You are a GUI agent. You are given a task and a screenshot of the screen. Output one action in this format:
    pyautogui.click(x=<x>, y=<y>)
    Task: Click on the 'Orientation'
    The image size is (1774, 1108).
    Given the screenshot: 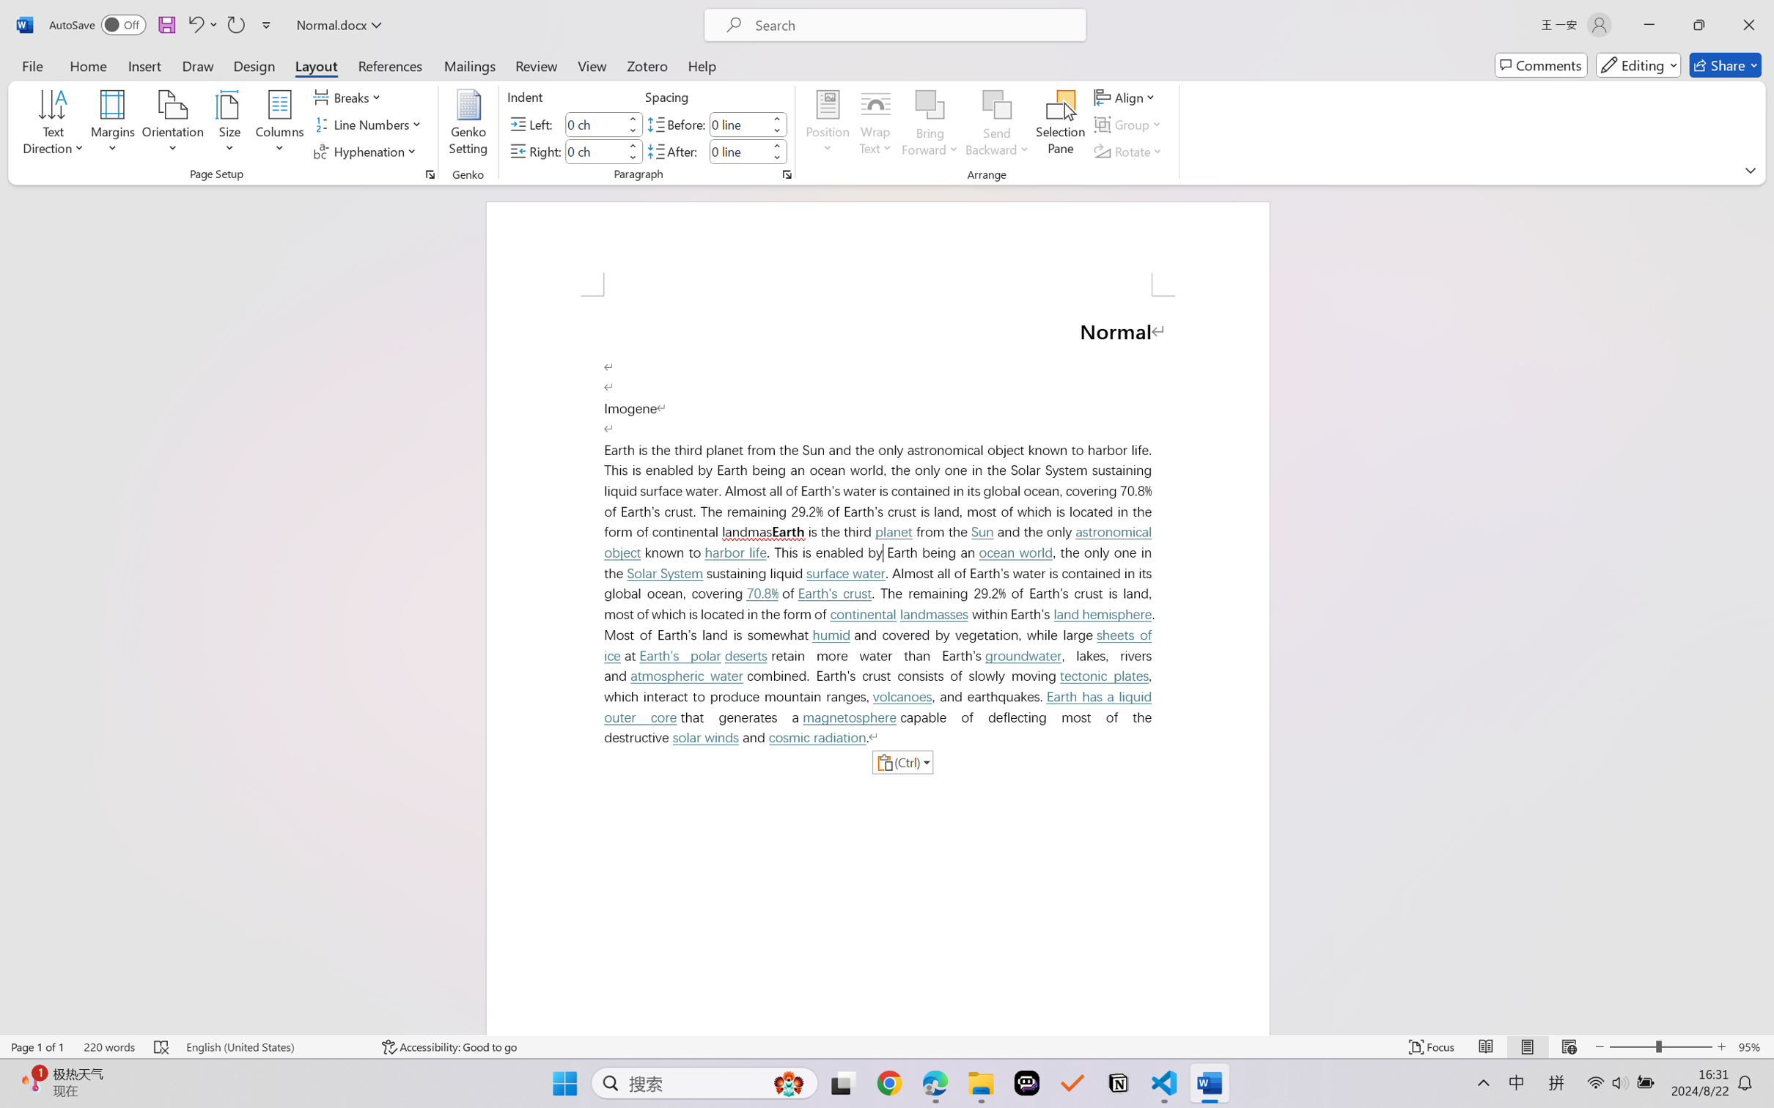 What is the action you would take?
    pyautogui.click(x=172, y=125)
    